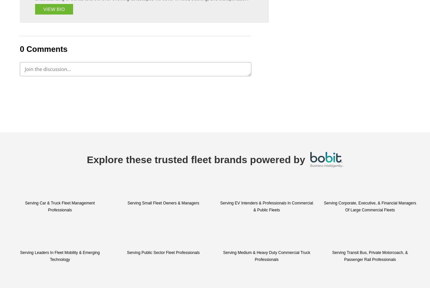  I want to click on 'Explore these trusted fleet brands powered by', so click(195, 159).